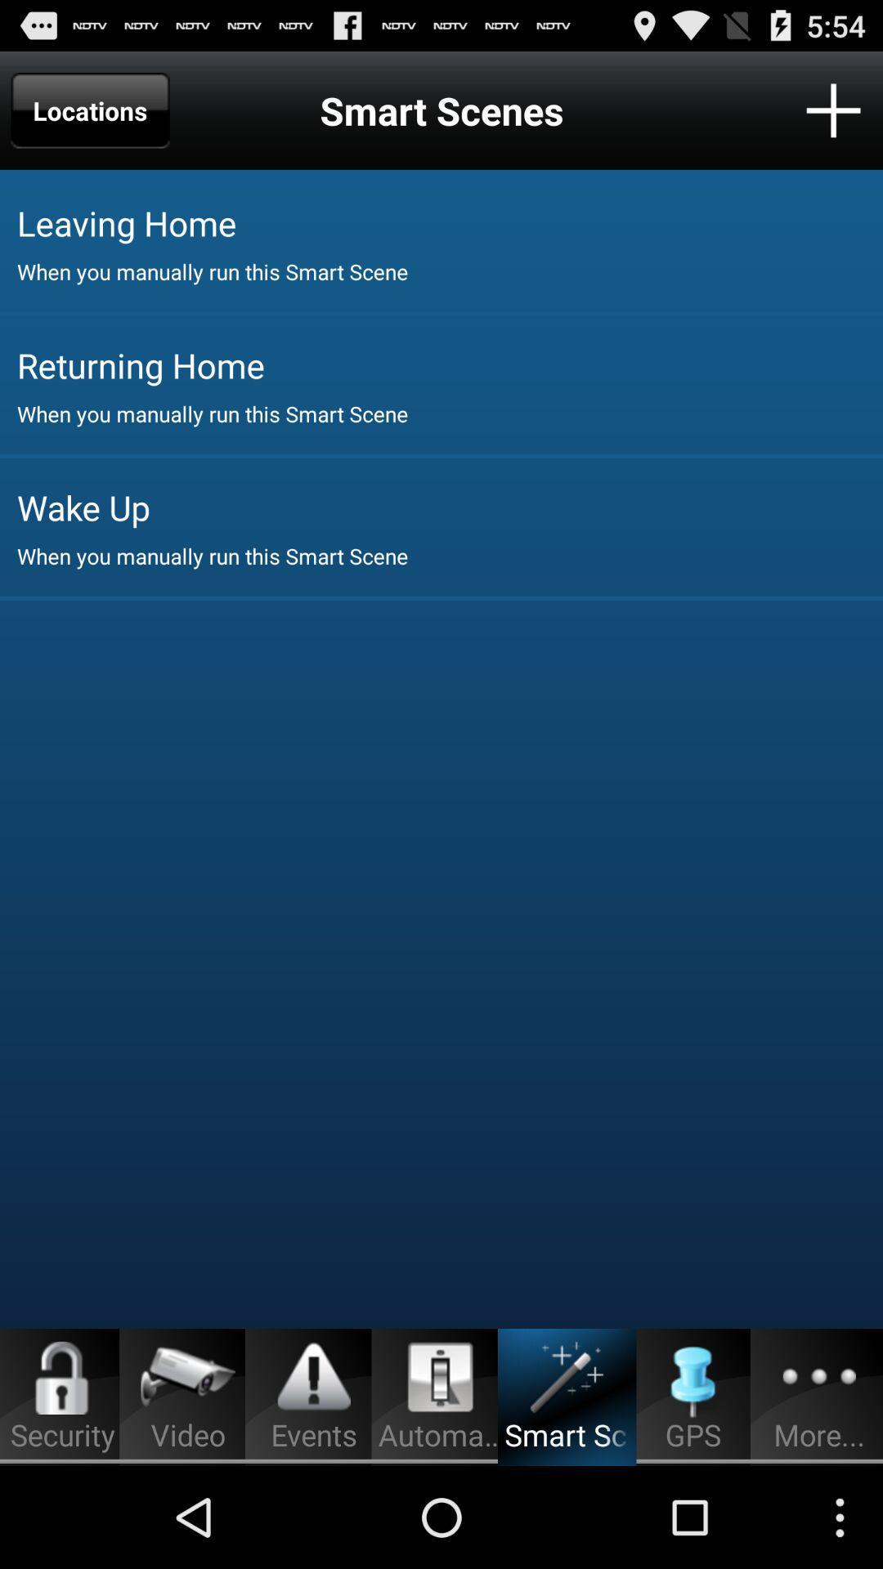 The image size is (883, 1569). I want to click on wake up item, so click(450, 506).